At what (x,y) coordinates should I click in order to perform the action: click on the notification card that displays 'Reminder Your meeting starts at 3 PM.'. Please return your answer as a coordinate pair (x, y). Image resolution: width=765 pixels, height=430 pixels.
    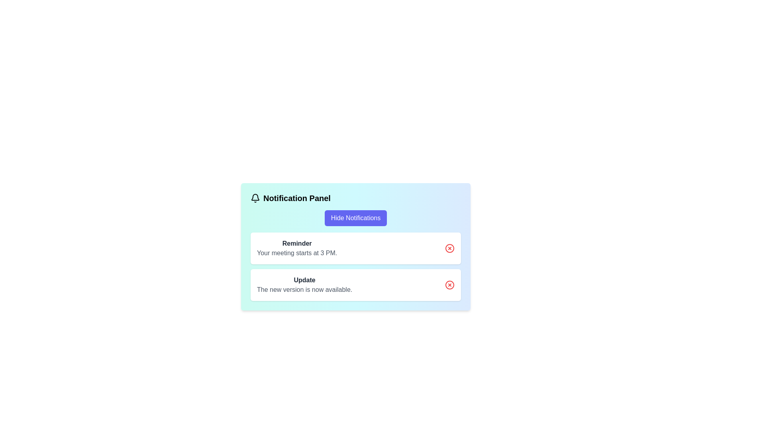
    Looking at the image, I should click on (355, 246).